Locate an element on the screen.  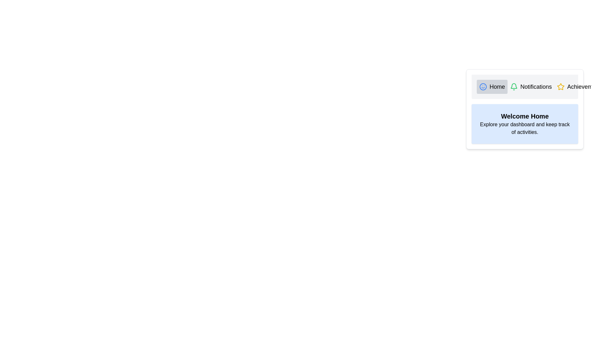
the tab labeled Achievements is located at coordinates (580, 86).